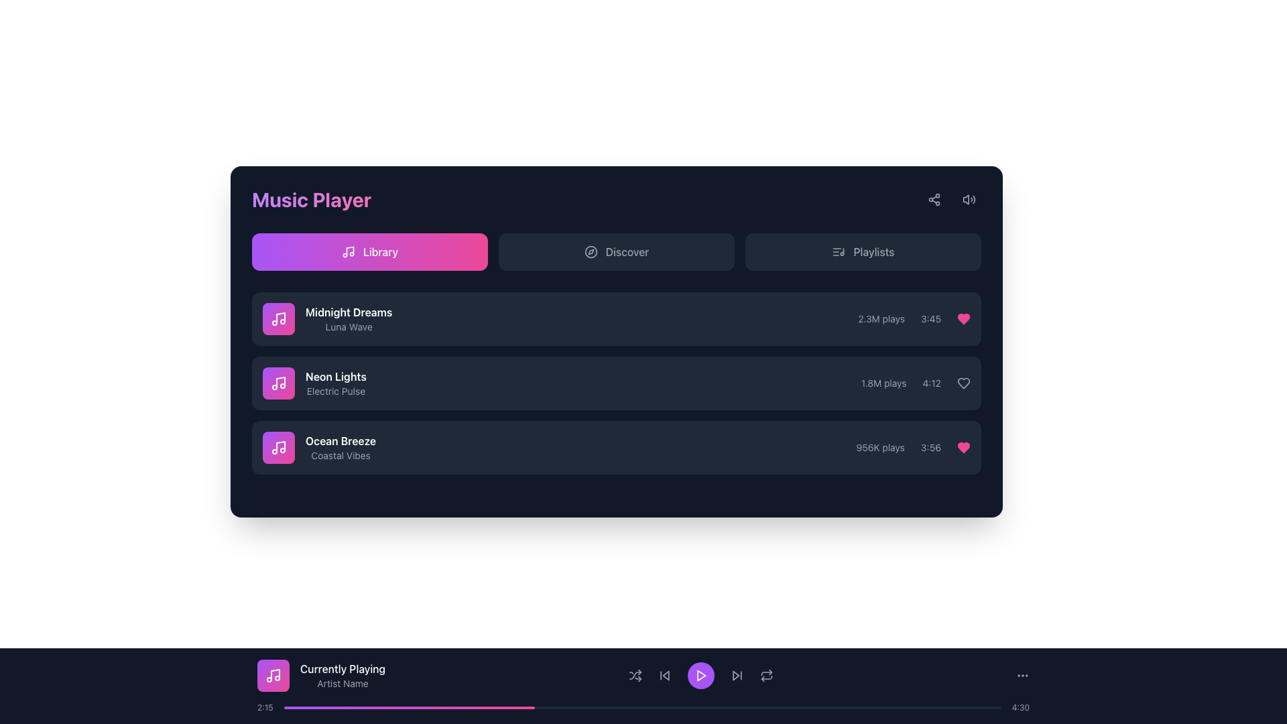  I want to click on the sharing or networking icon located in the top-right corner of the primary interface, next to the sound icon, so click(933, 199).